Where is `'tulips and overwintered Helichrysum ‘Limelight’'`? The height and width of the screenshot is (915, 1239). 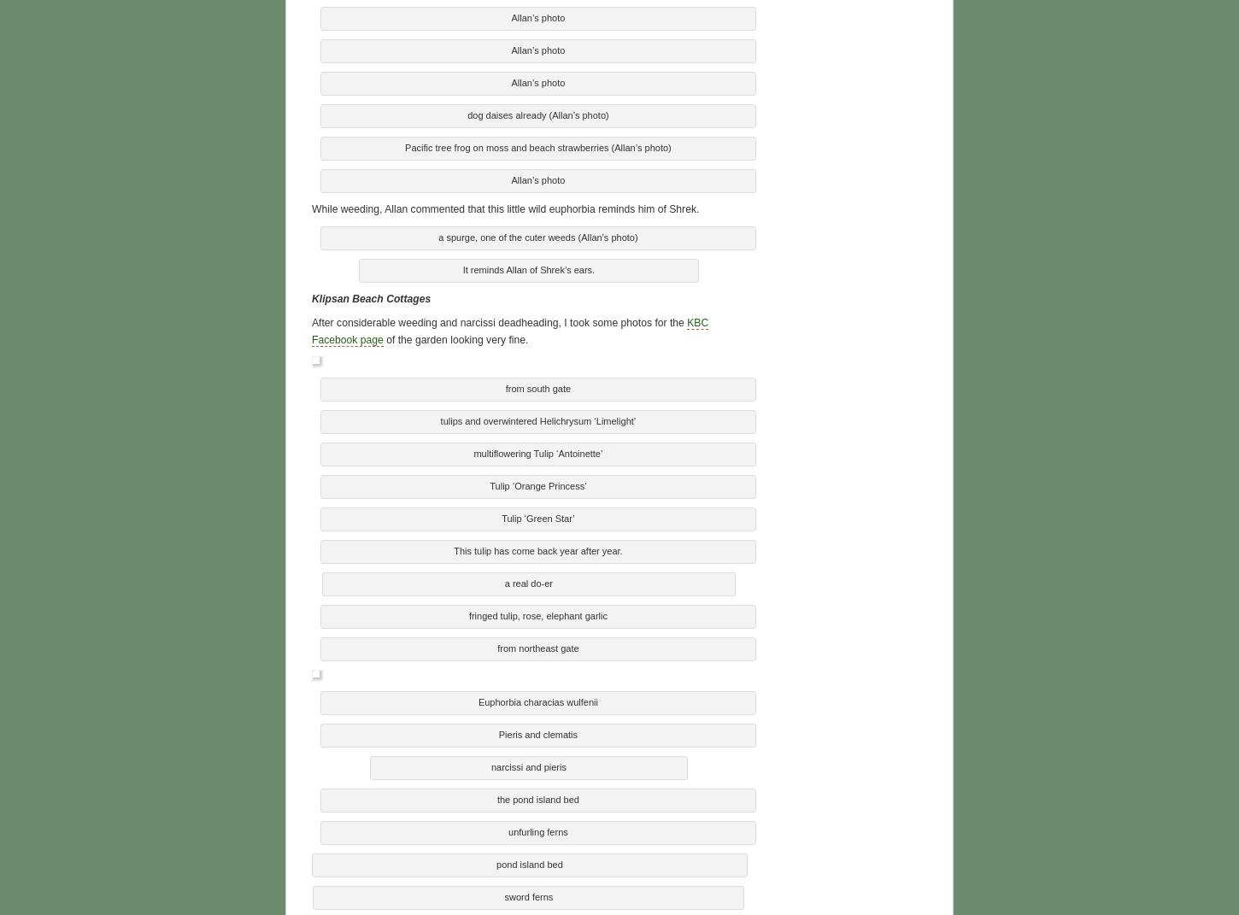
'tulips and overwintered Helichrysum ‘Limelight’' is located at coordinates (537, 417).